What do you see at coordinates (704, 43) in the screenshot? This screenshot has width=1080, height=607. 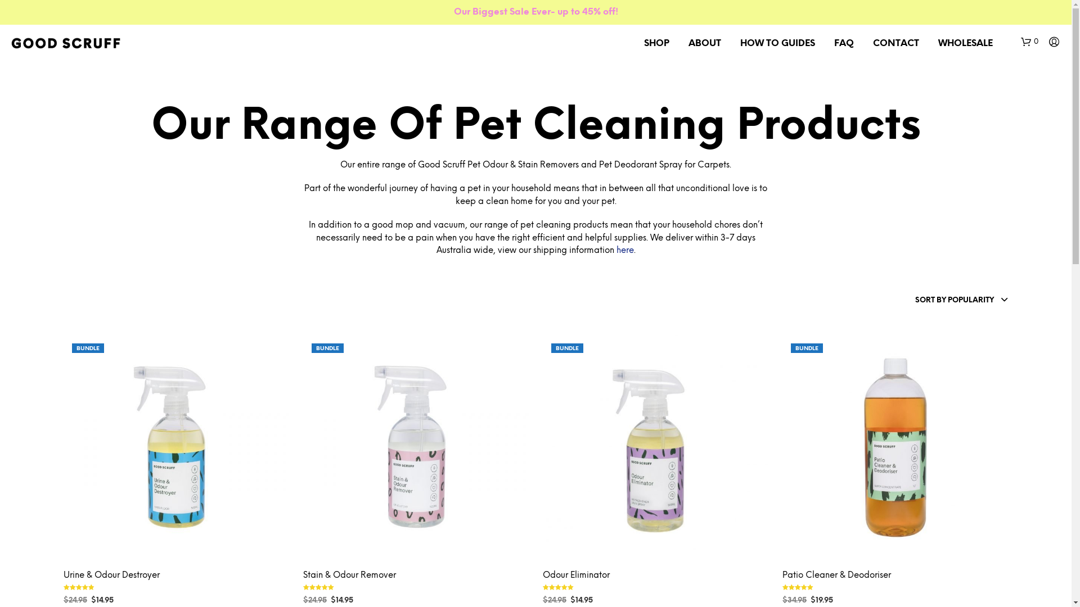 I see `'ABOUT'` at bounding box center [704, 43].